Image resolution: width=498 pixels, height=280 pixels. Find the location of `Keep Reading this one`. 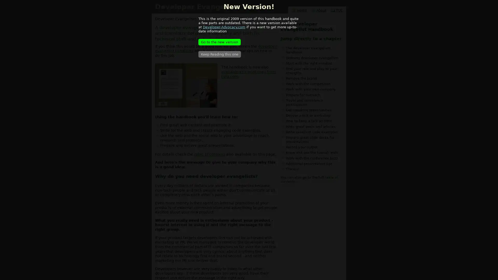

Keep Reading this one is located at coordinates (219, 54).